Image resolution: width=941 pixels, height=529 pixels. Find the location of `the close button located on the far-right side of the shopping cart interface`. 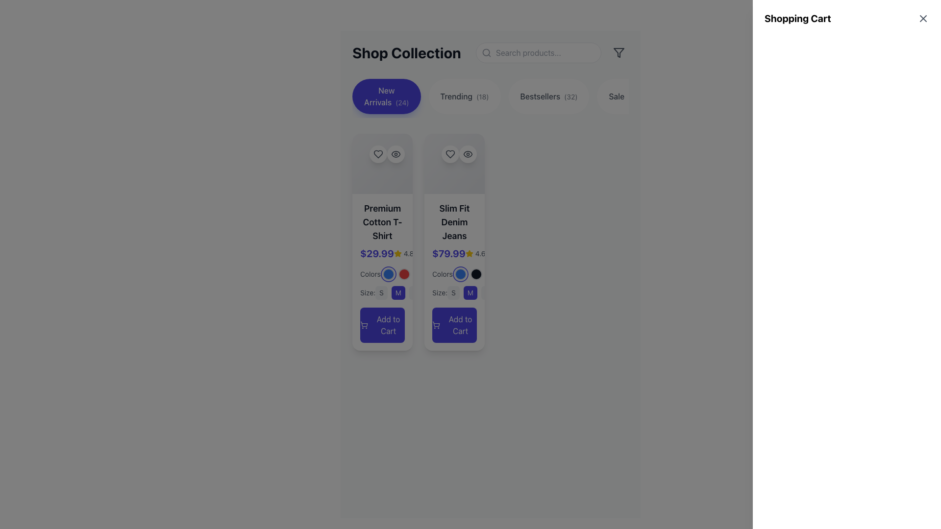

the close button located on the far-right side of the shopping cart interface is located at coordinates (922, 19).